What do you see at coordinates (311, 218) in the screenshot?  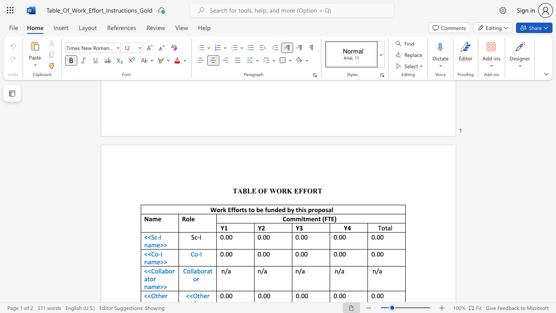 I see `the subset text "ent (FTE)" within the text "Commitment (FTE)"` at bounding box center [311, 218].